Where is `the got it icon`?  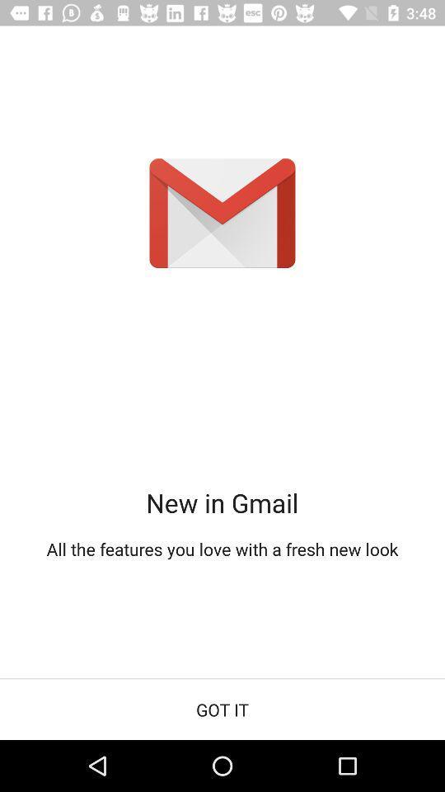
the got it icon is located at coordinates (222, 709).